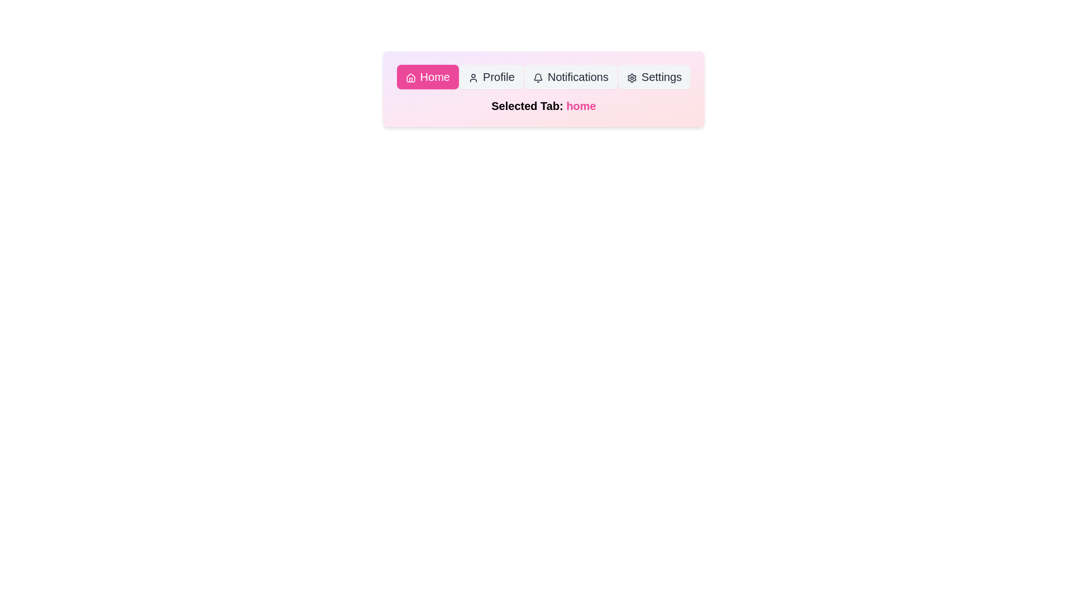 This screenshot has width=1072, height=603. I want to click on the 'Home' button, which visually represents the 'Home' tab and is the leftmost navigation icon on the top navigation bar, so click(410, 77).